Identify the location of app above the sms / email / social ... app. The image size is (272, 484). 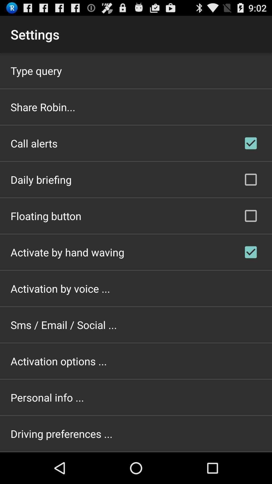
(60, 288).